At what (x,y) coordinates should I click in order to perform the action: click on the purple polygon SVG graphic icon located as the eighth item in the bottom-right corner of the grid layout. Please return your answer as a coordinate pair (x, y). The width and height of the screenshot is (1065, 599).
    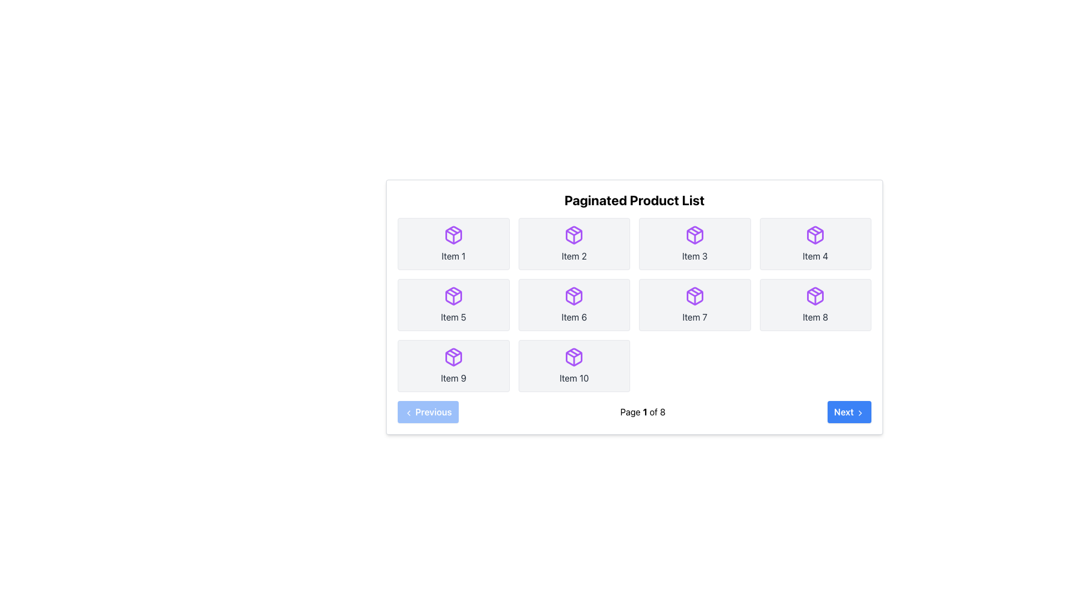
    Looking at the image, I should click on (815, 295).